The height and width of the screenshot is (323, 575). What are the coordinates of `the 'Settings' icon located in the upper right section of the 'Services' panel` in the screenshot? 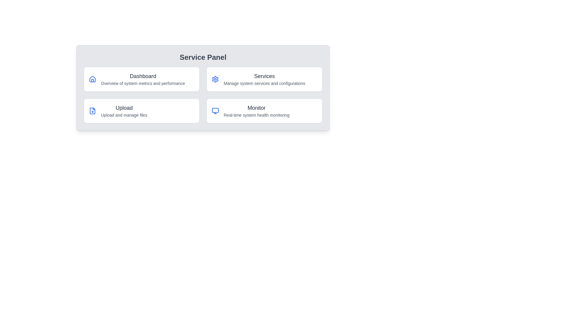 It's located at (215, 79).